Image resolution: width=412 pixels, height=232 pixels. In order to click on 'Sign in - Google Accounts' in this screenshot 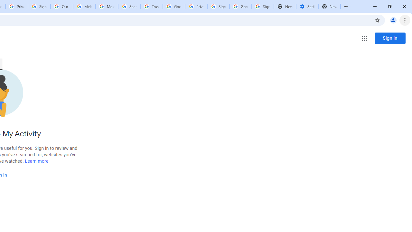, I will do `click(39, 6)`.